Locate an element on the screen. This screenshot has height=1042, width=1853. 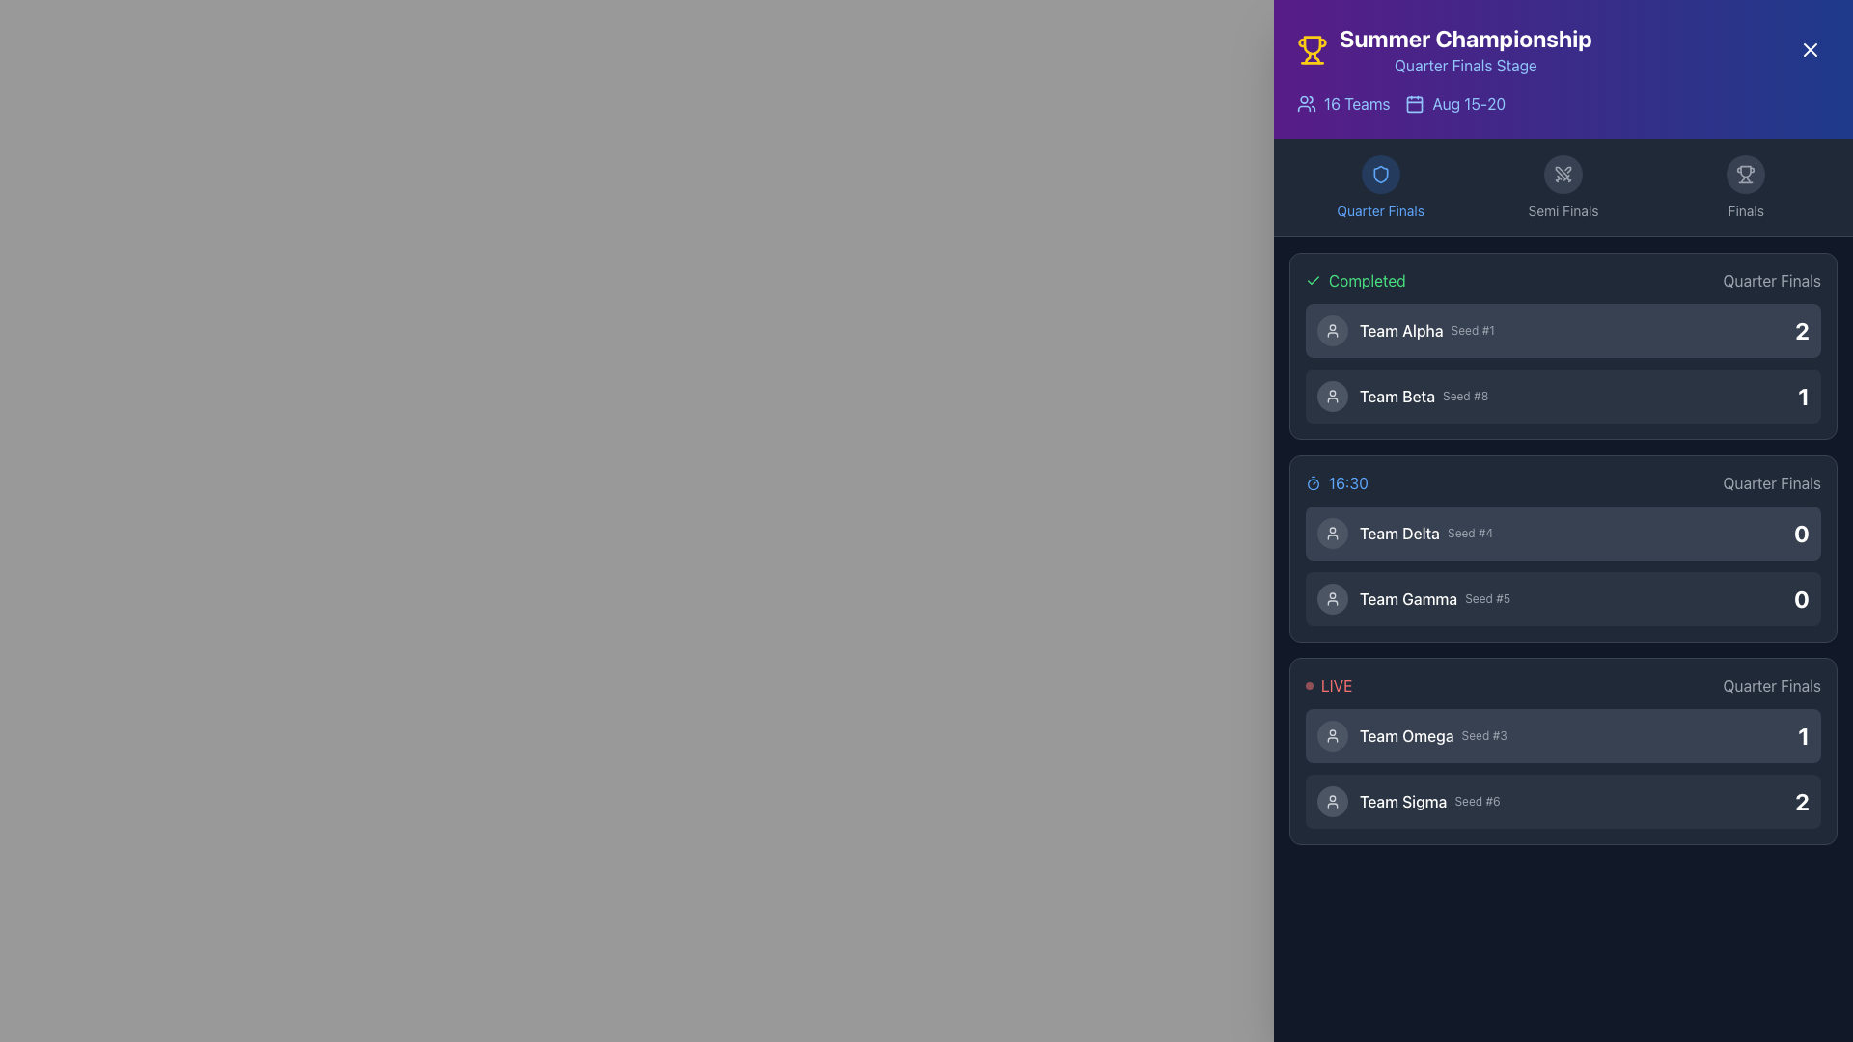
the circular icon button with a gray background and crossed swords icon, located under the 'Semi Finals' text label is located at coordinates (1563, 175).